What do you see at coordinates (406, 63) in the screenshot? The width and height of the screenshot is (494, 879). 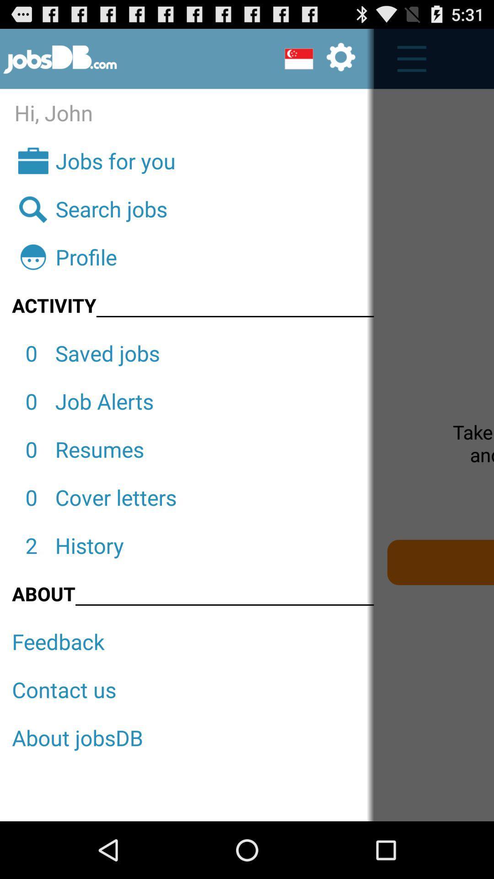 I see `the menu icon` at bounding box center [406, 63].